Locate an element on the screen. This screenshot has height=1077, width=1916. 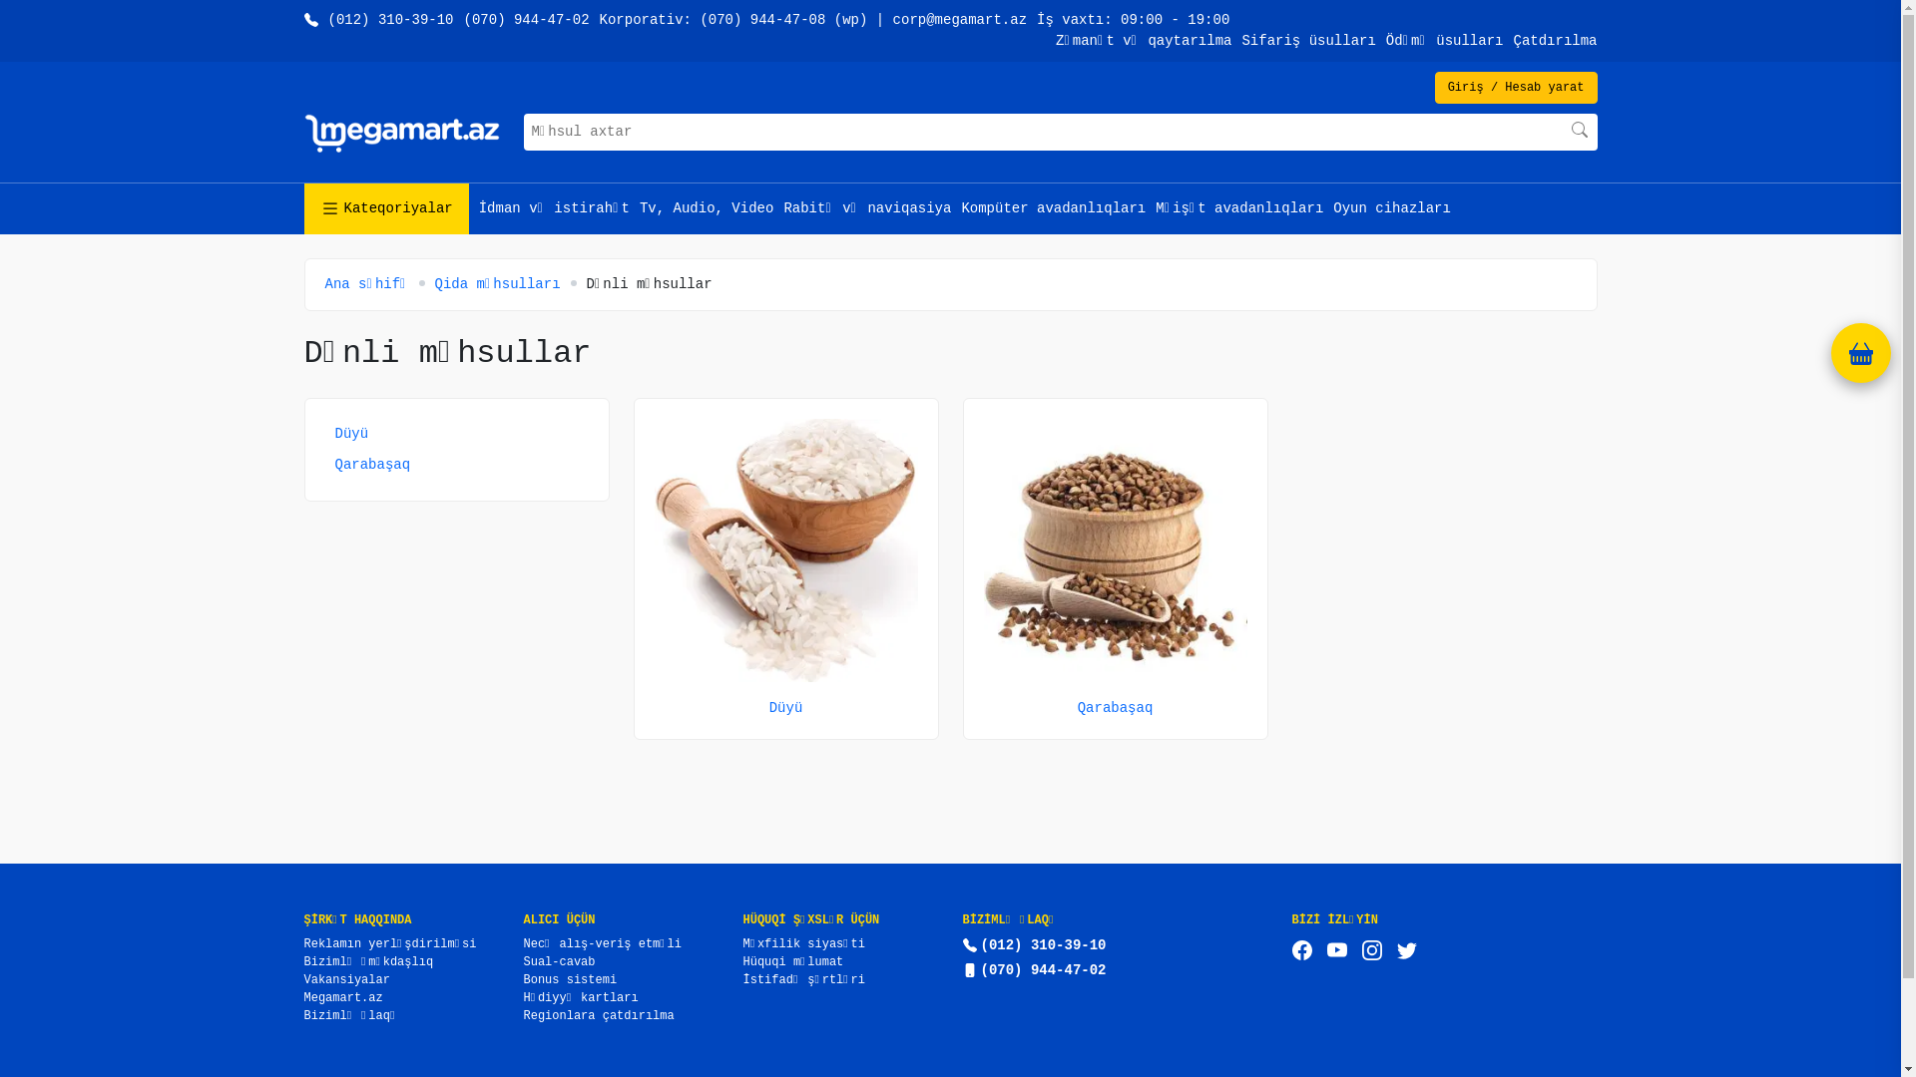
'Tv, Audio, Video' is located at coordinates (707, 208).